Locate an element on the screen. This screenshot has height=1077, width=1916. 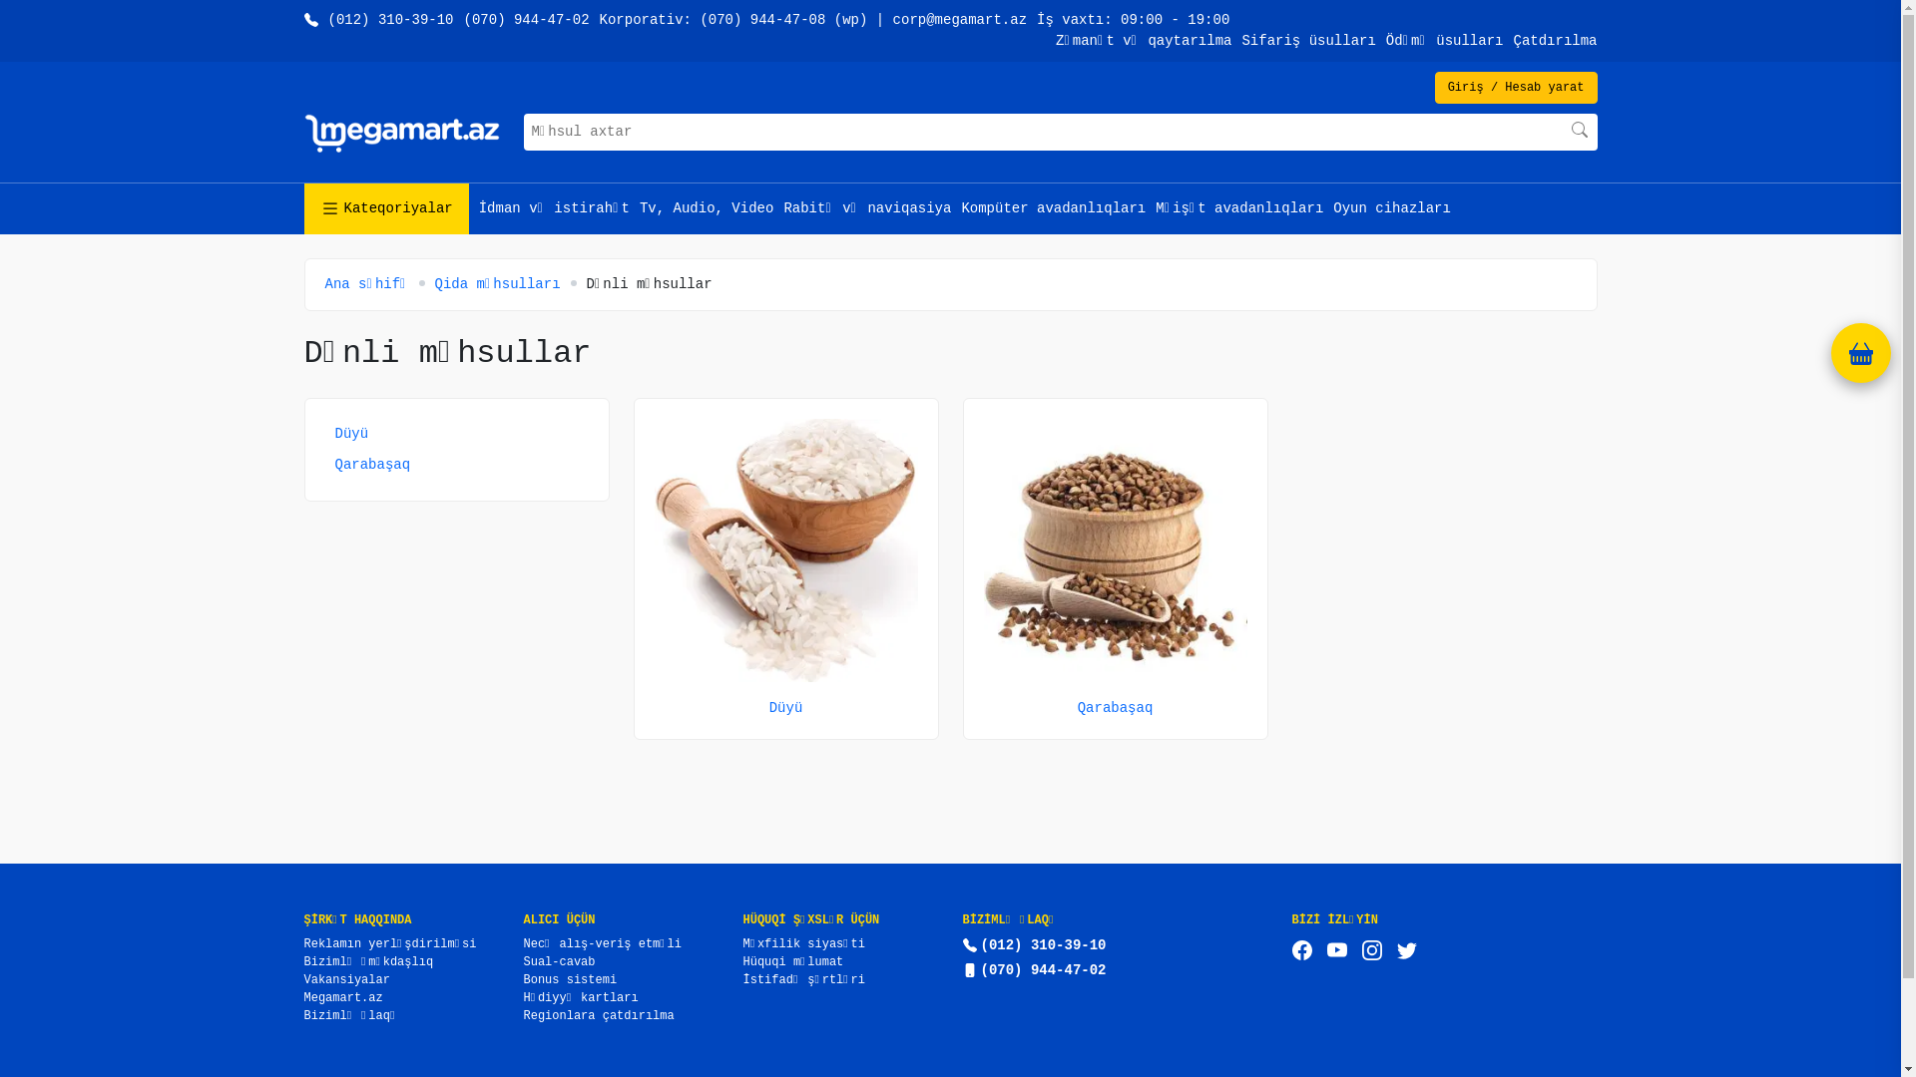
'Tv, Audio, Video' is located at coordinates (707, 208).